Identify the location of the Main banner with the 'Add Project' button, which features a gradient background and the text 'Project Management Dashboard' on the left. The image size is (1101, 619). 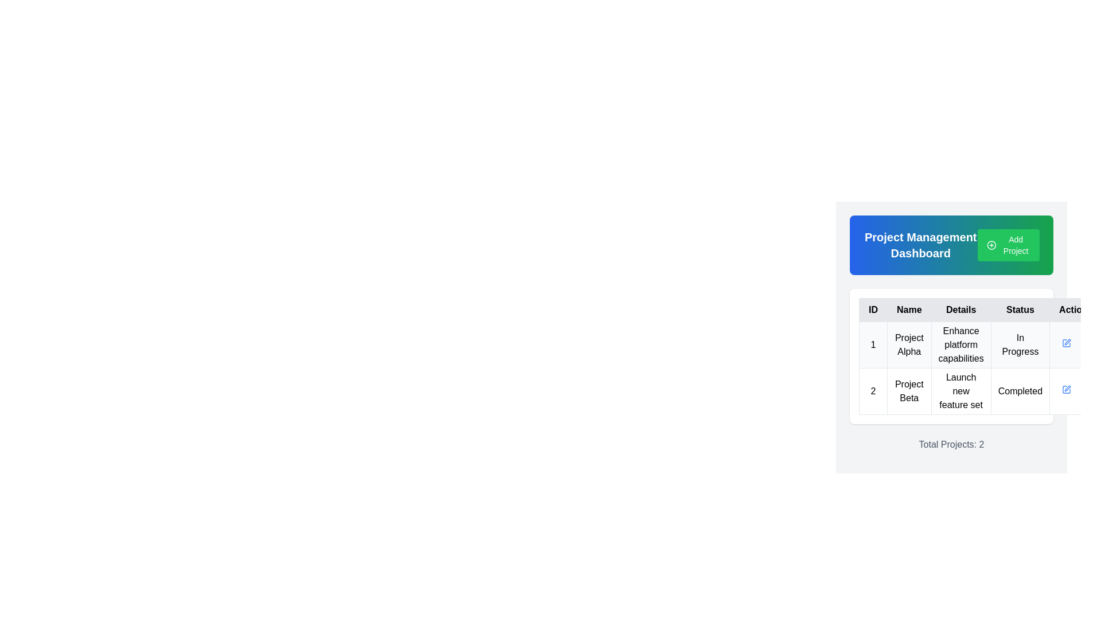
(951, 245).